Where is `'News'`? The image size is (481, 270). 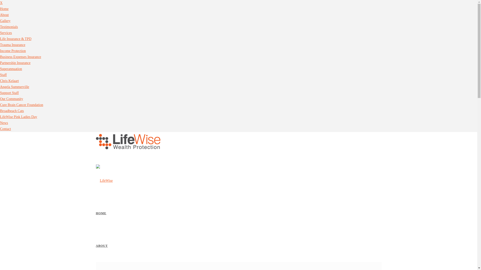
'News' is located at coordinates (4, 123).